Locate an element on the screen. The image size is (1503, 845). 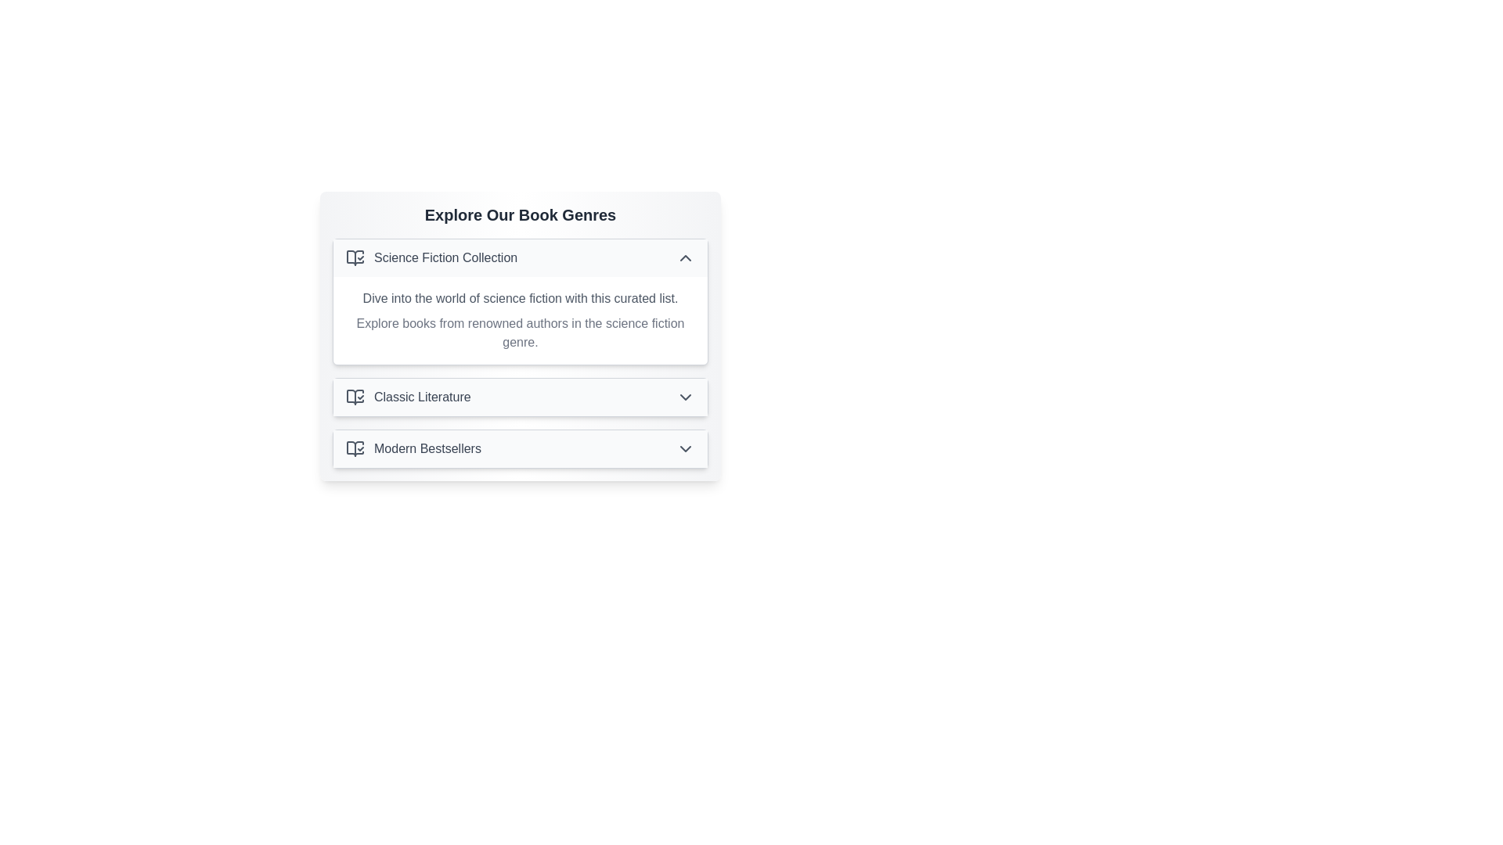
the 'Modern Bestsellers' text label, which is a category label in the genre list located to the right of a book icon with a checkmark is located at coordinates (427, 449).